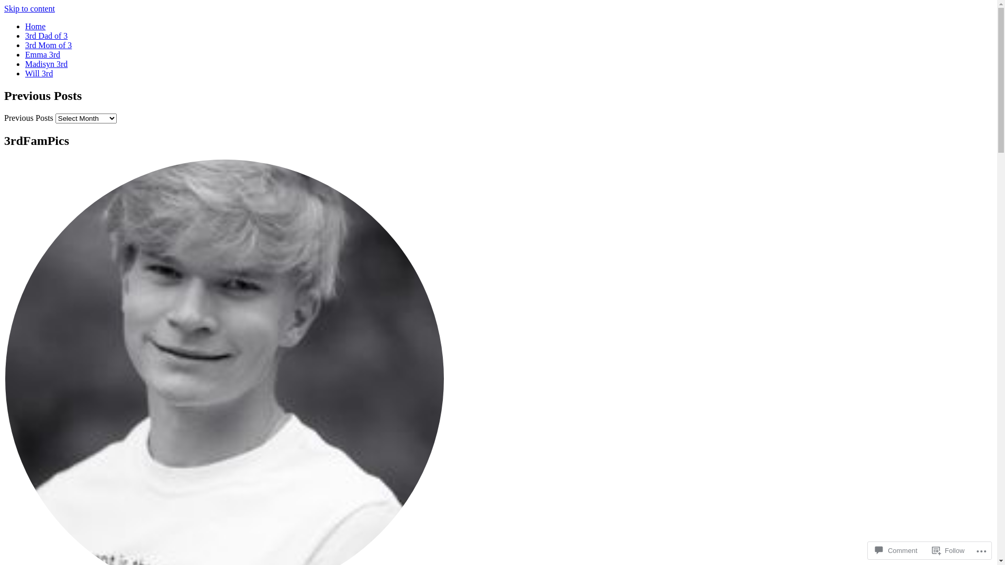  Describe the element at coordinates (928, 550) in the screenshot. I see `'Follow'` at that location.